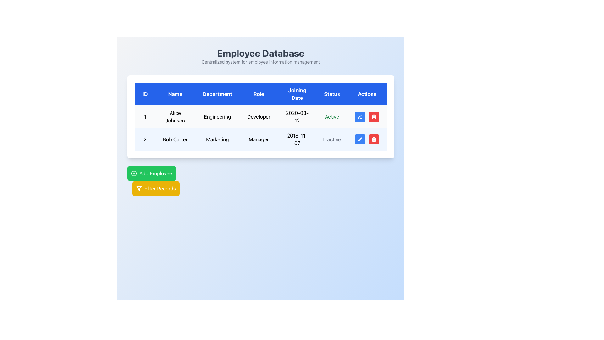 Image resolution: width=604 pixels, height=340 pixels. I want to click on the red square button with a trash icon in the 'Actions' column for the employee 'Bob Carter', so click(374, 116).